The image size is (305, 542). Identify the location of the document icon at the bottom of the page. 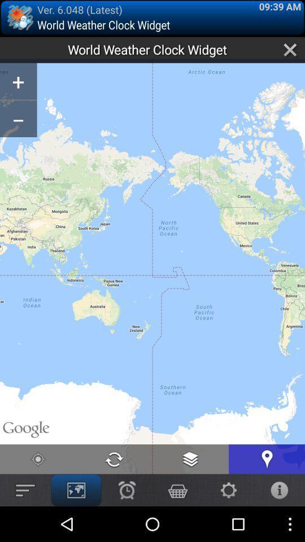
(190, 459).